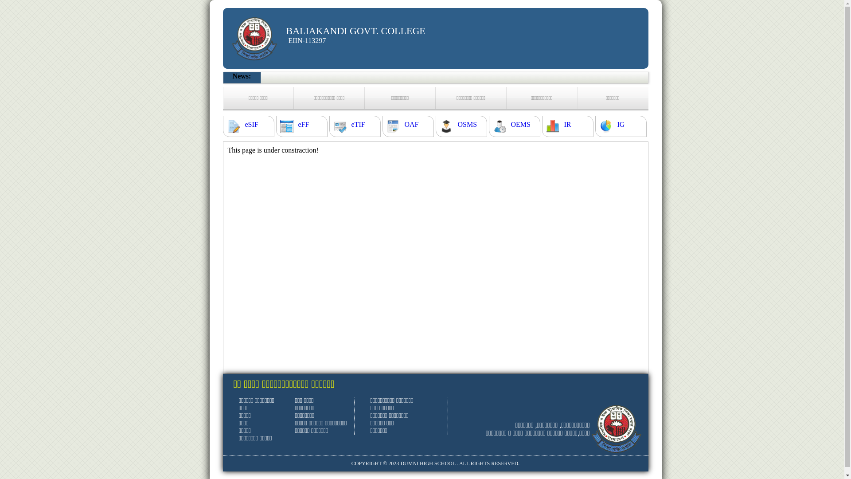 This screenshot has width=851, height=479. I want to click on 'eSIF', so click(250, 125).